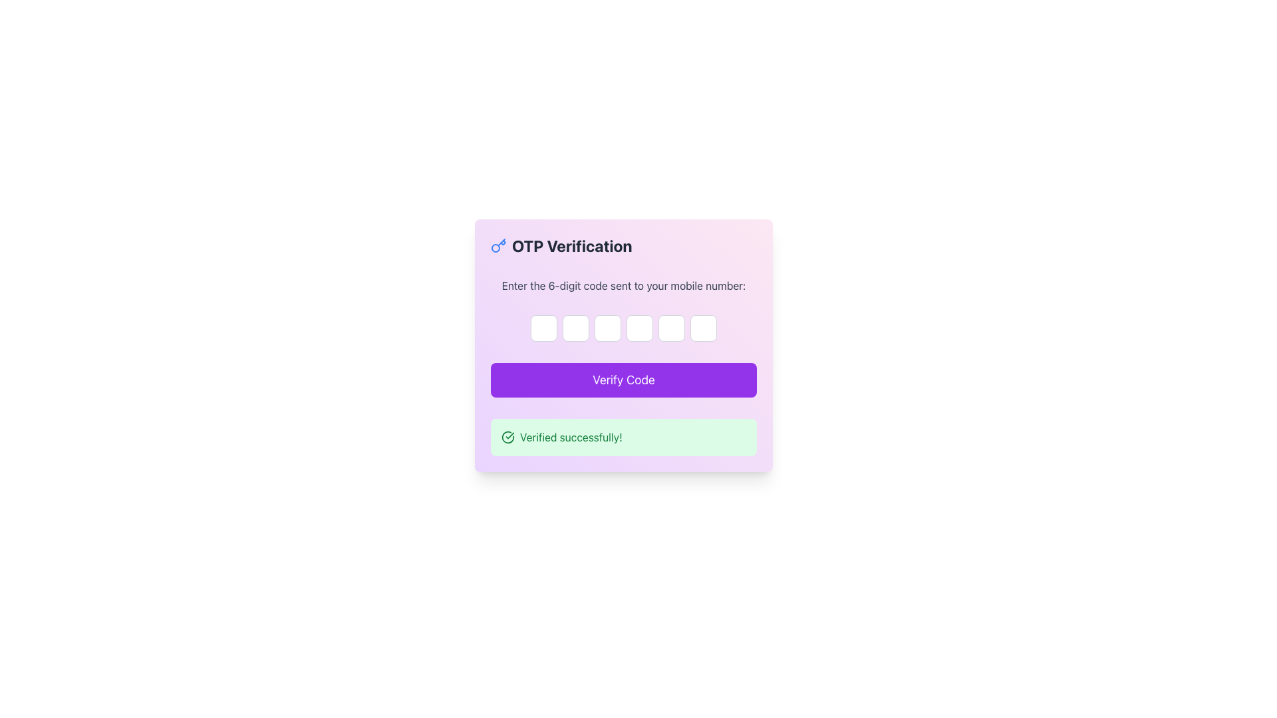 The image size is (1277, 718). I want to click on the static text label that provides instructions for entering a 6-digit code, located under 'OTP Verification' and above the input boxes, so click(623, 285).